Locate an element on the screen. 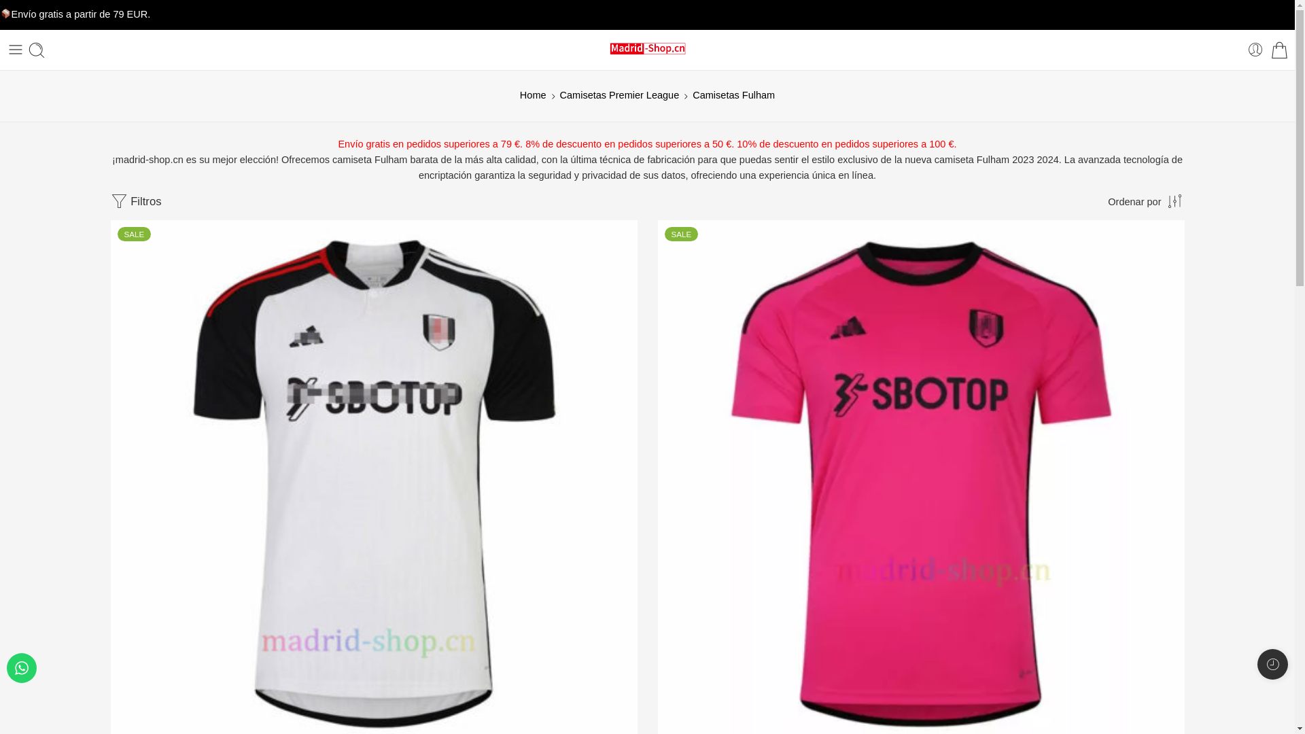 The width and height of the screenshot is (1305, 734). 'WhatsApp' is located at coordinates (22, 667).